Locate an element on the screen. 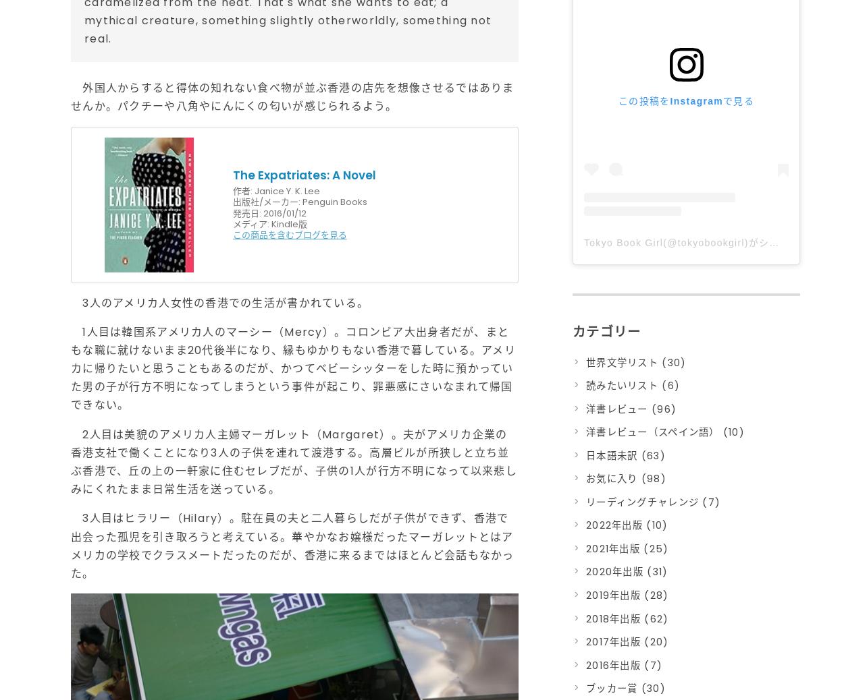 The image size is (844, 700). '2022年出版 (10)' is located at coordinates (585, 525).